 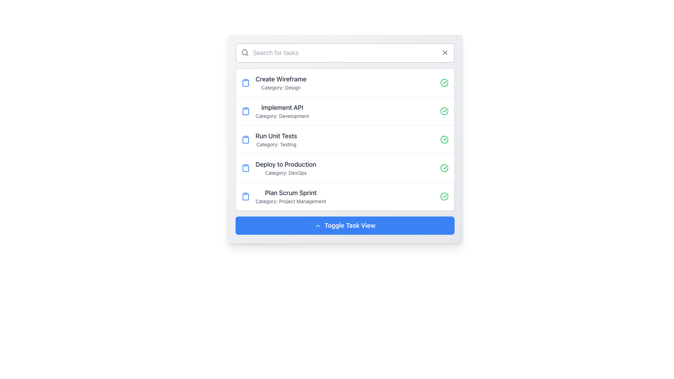 I want to click on text content of the Text label indicating the category of the task 'Implement API', which is positioned directly below the title 'Implement API', so click(x=282, y=116).